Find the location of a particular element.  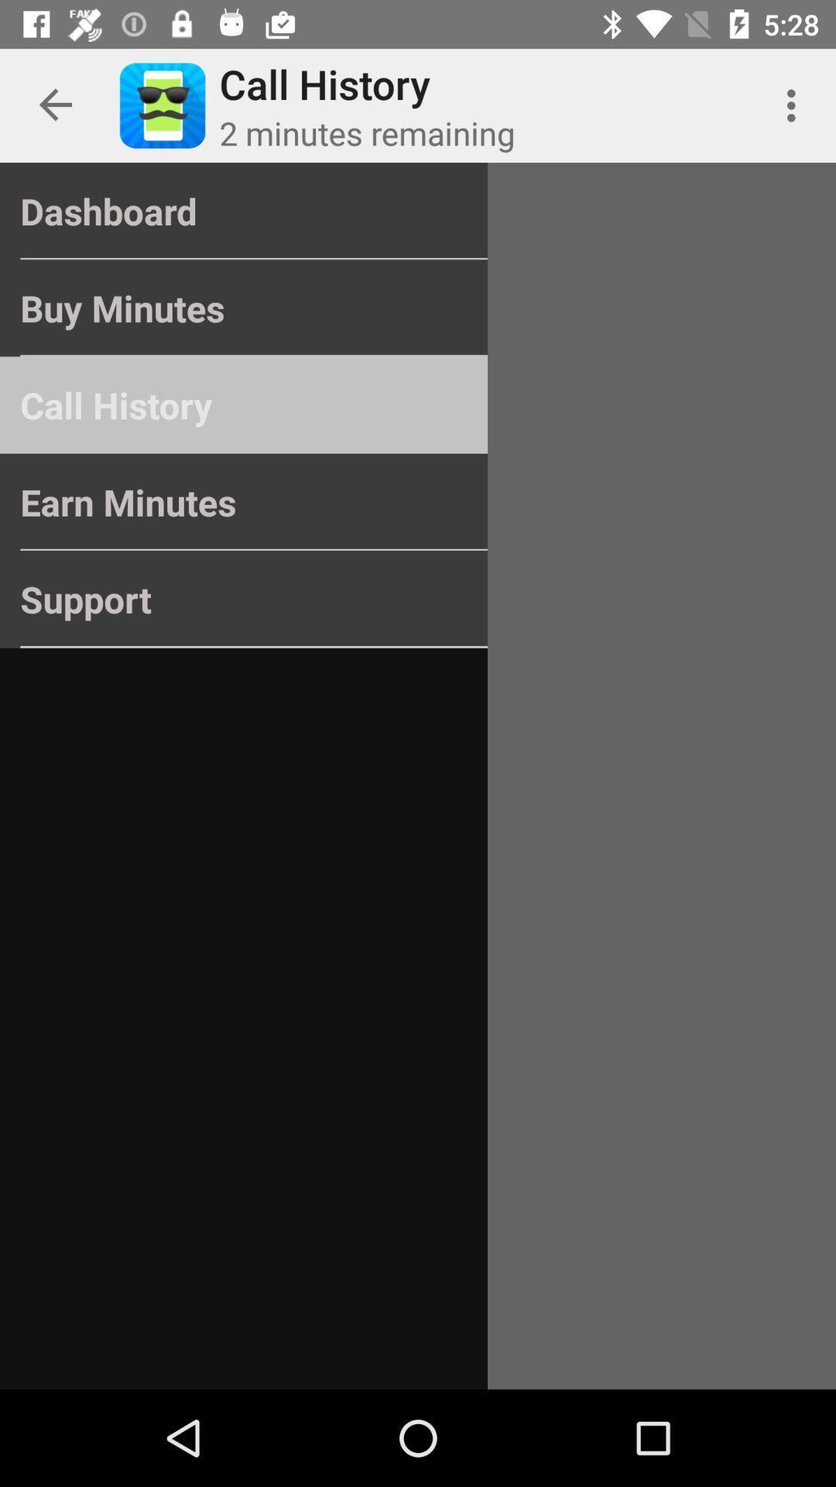

buy minutes is located at coordinates (244, 308).